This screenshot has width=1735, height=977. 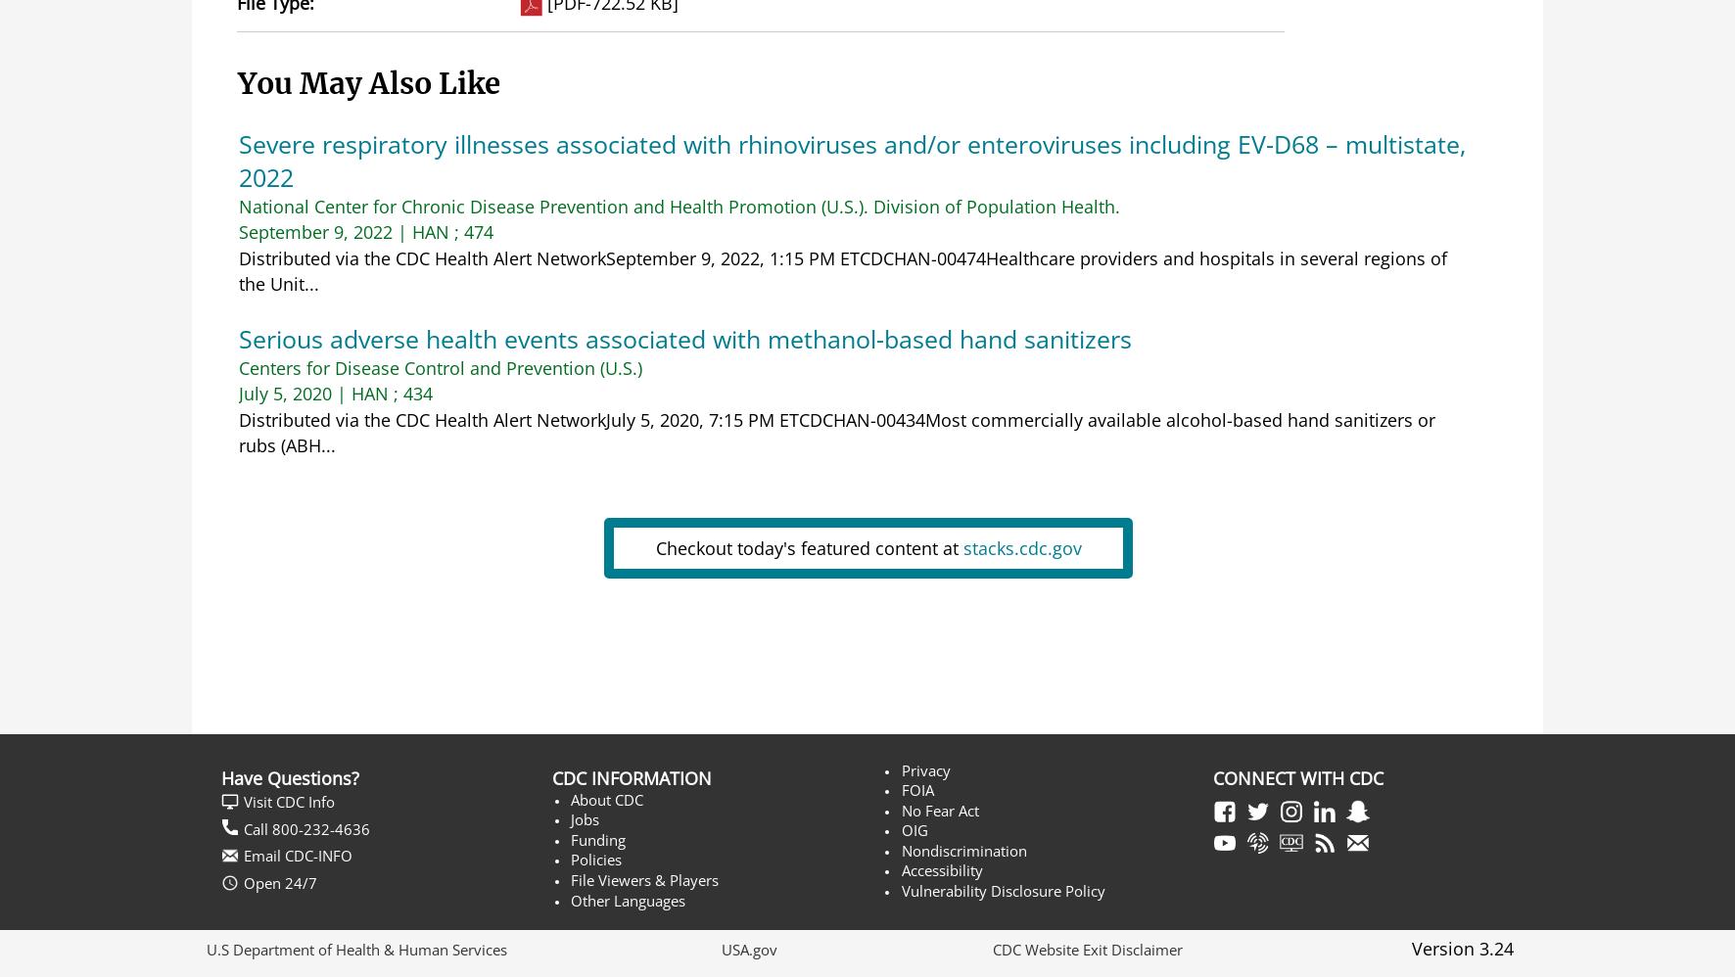 What do you see at coordinates (356, 948) in the screenshot?
I see `'U.S
								Department of Health & Human Services'` at bounding box center [356, 948].